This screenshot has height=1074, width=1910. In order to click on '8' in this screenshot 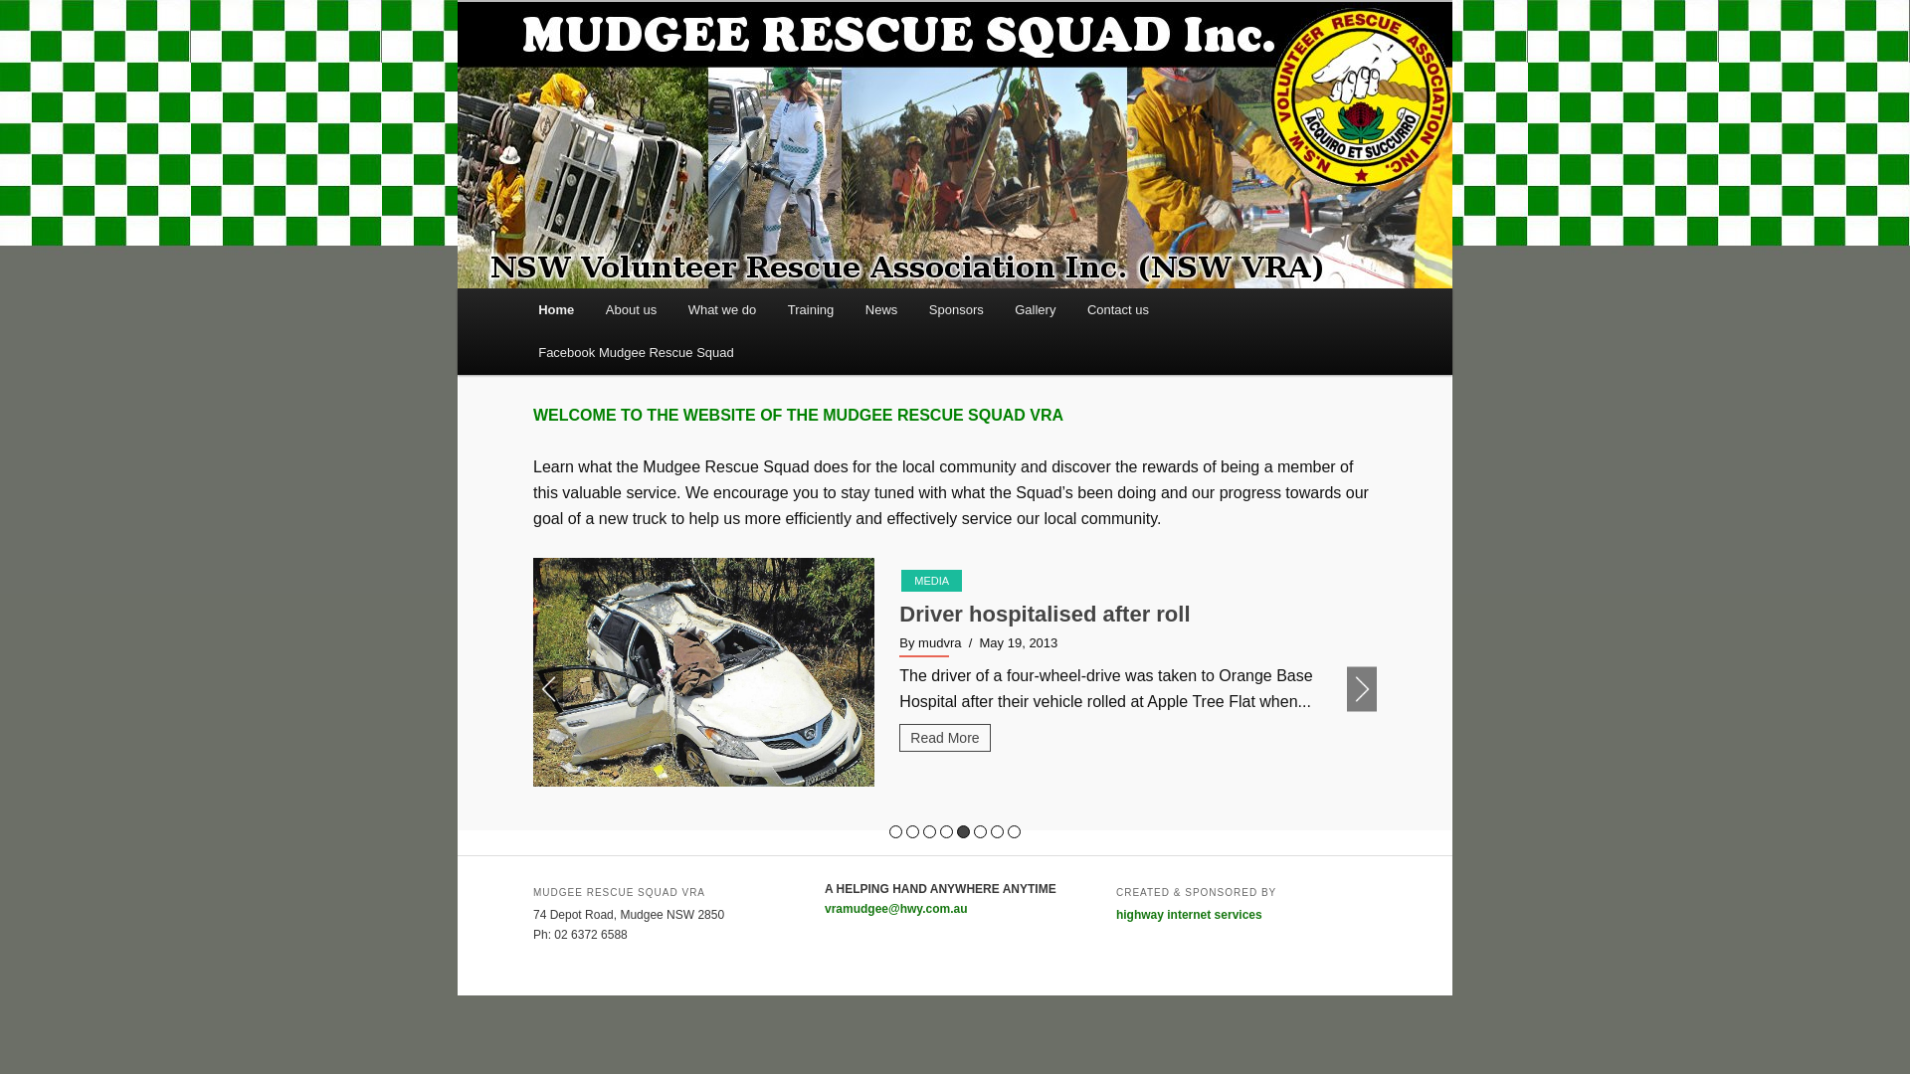, I will do `click(1014, 831)`.